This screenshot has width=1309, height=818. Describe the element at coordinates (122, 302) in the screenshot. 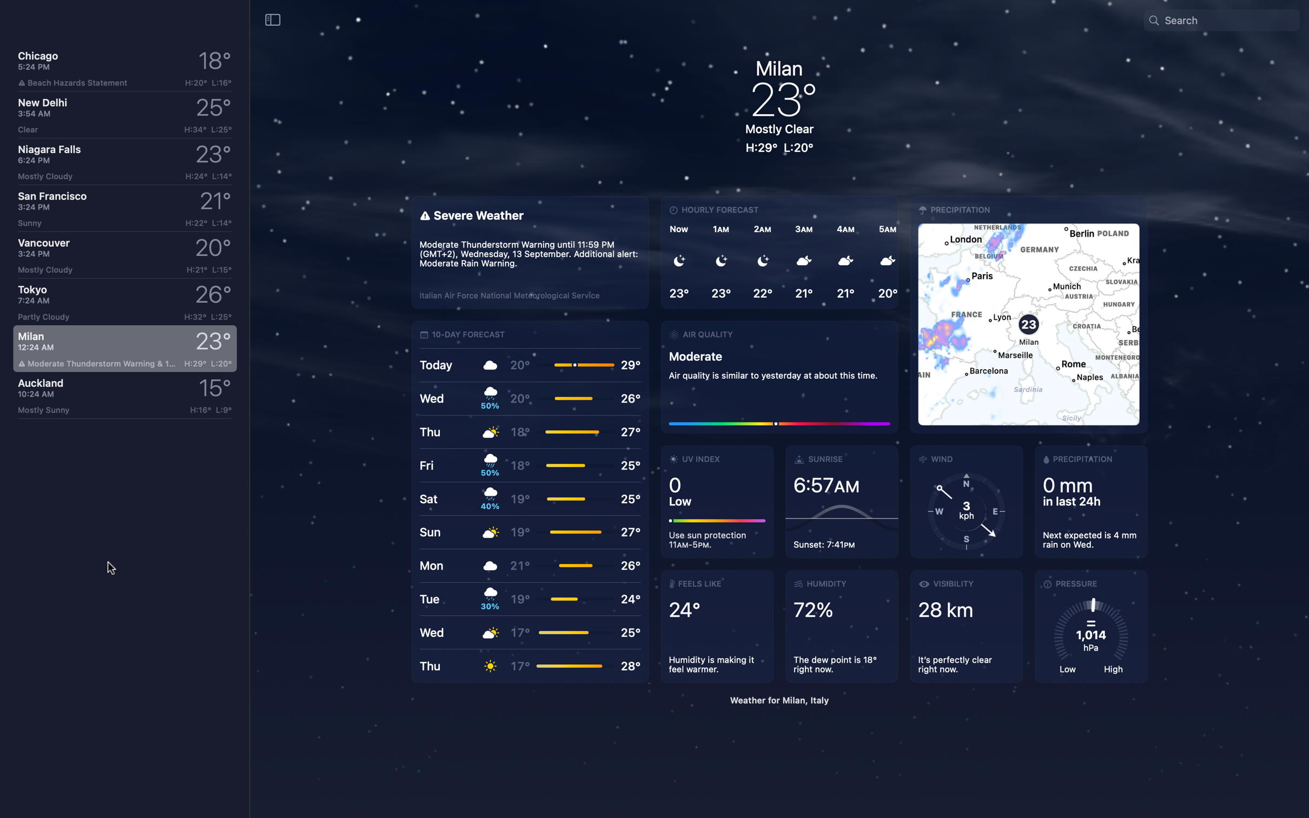

I see `View weather for Tokyo` at that location.